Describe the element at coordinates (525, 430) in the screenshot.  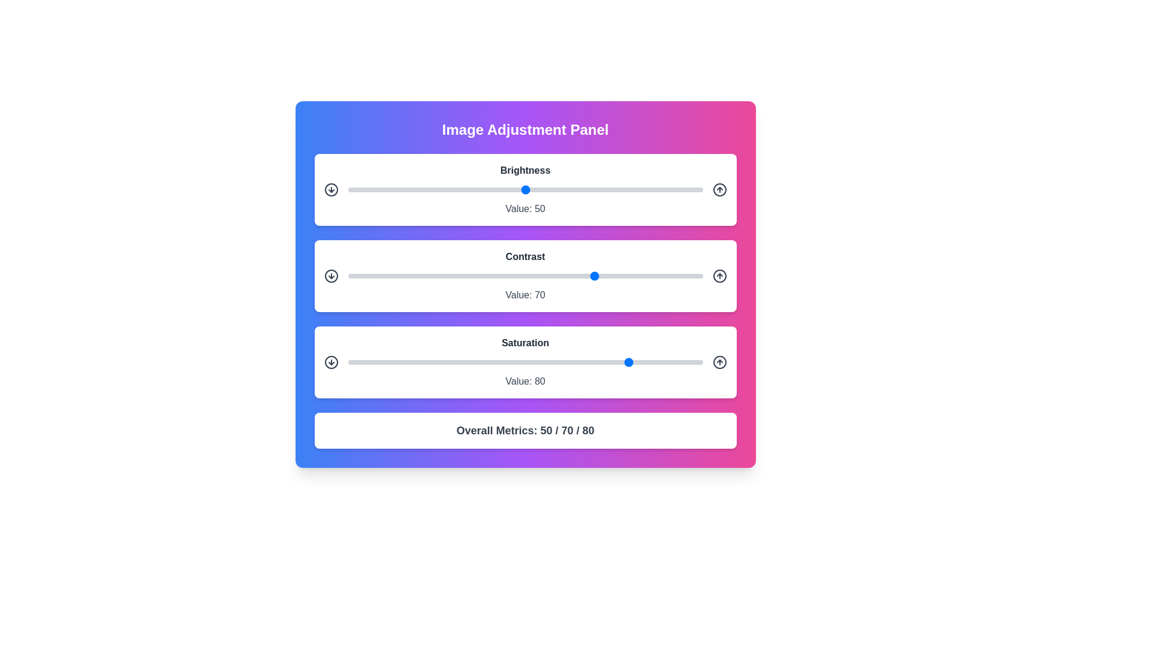
I see `displayed text from the text field showing 'Overall Metrics: 50 / 70 / 80' located at the bottom of the 'Image Adjustment Panel'` at that location.